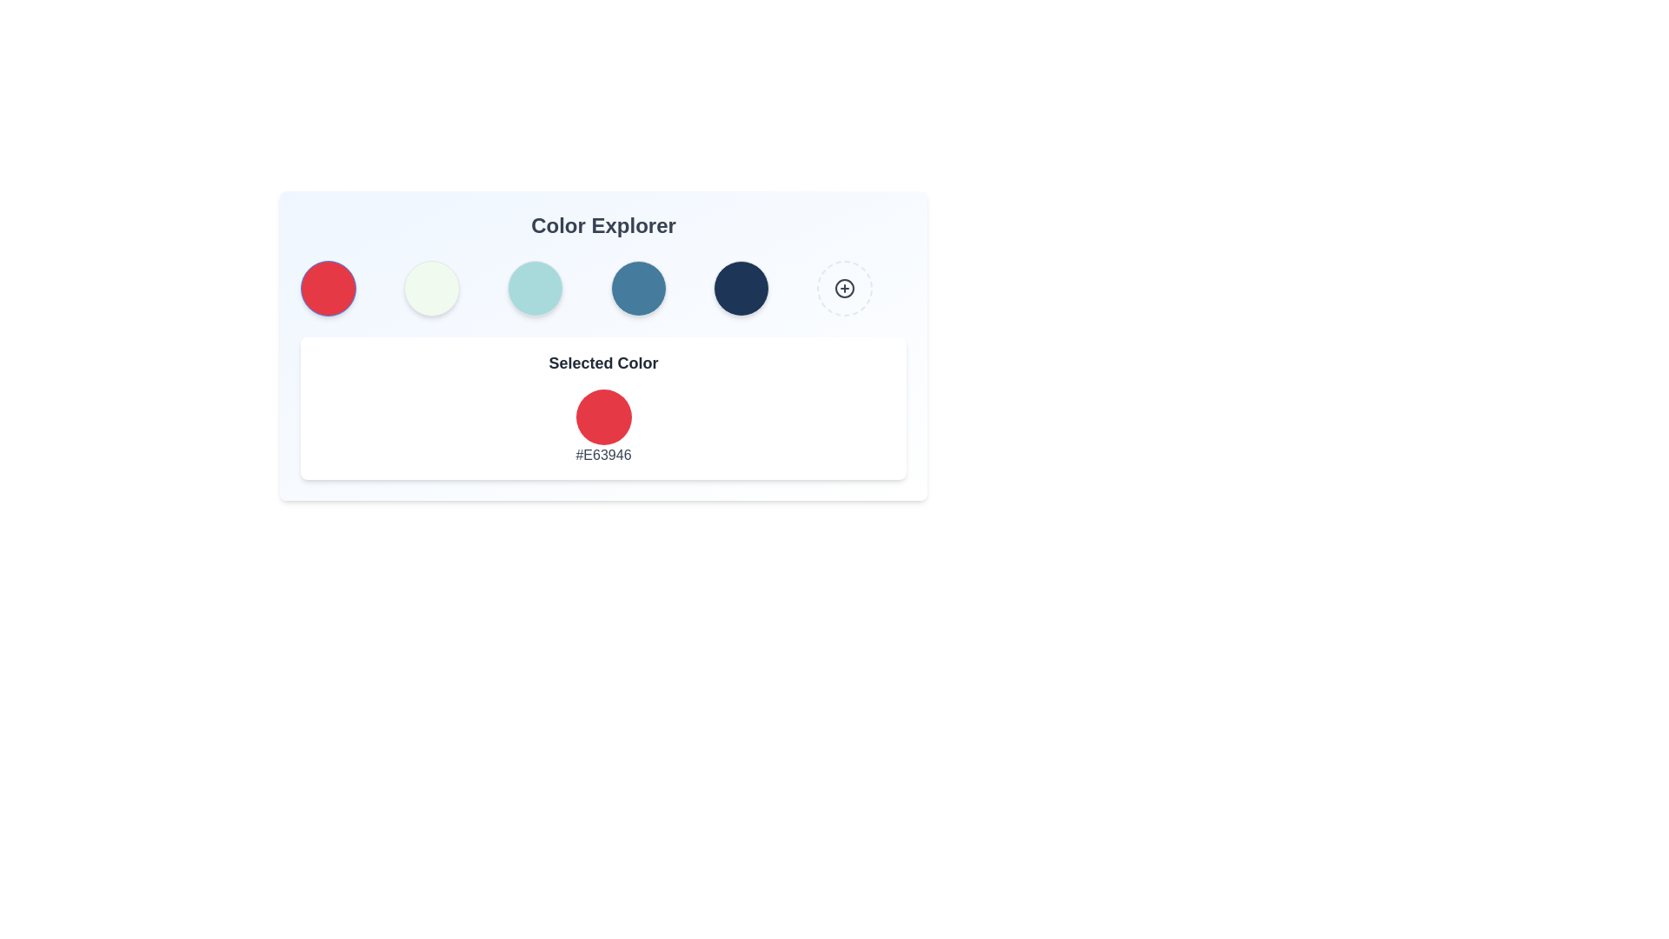  I want to click on the circular '+' button with a dashed border, so click(845, 287).